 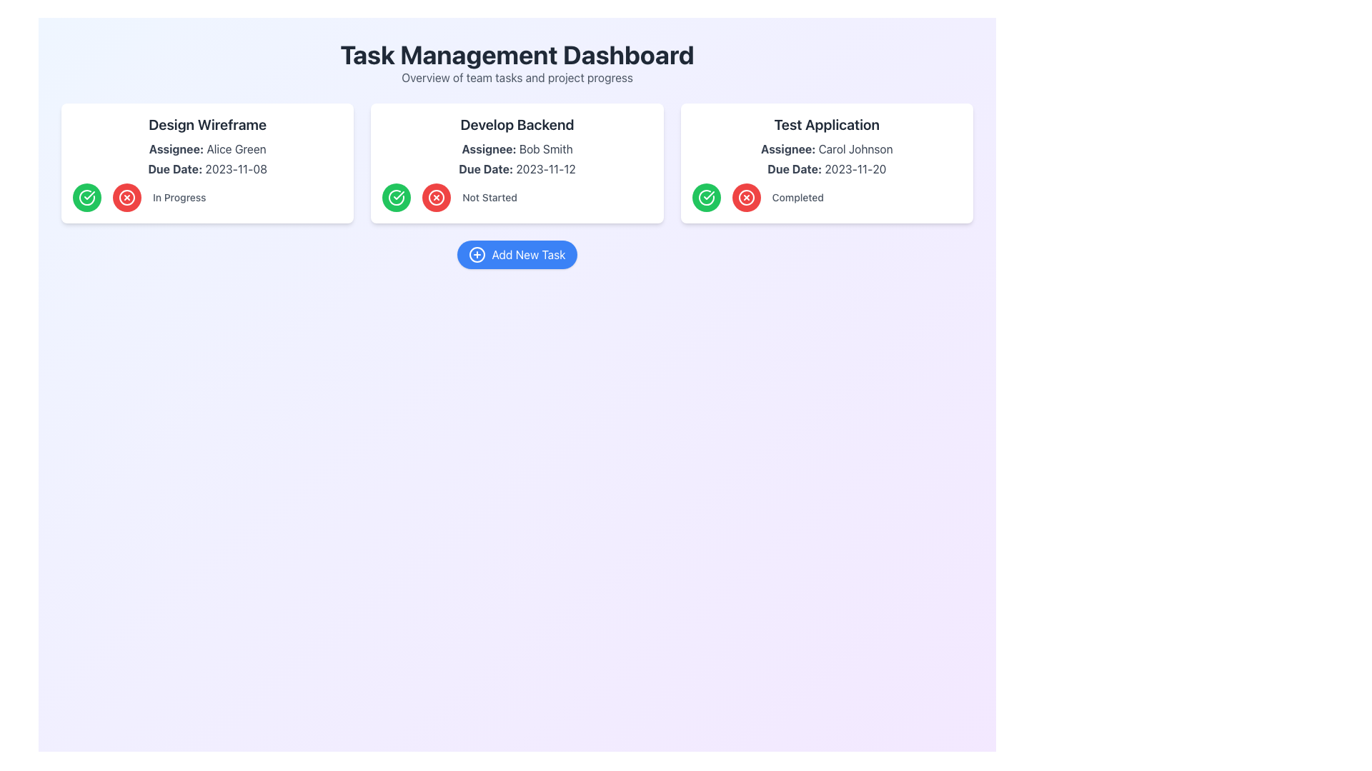 What do you see at coordinates (397, 198) in the screenshot?
I see `the green circular icon with a white checkmark in the 'Develop Backend' card` at bounding box center [397, 198].